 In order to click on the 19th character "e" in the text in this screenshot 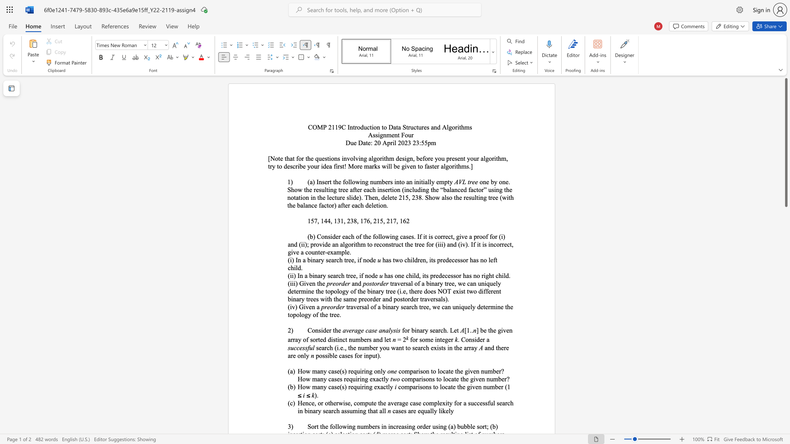, I will do `click(494, 291)`.